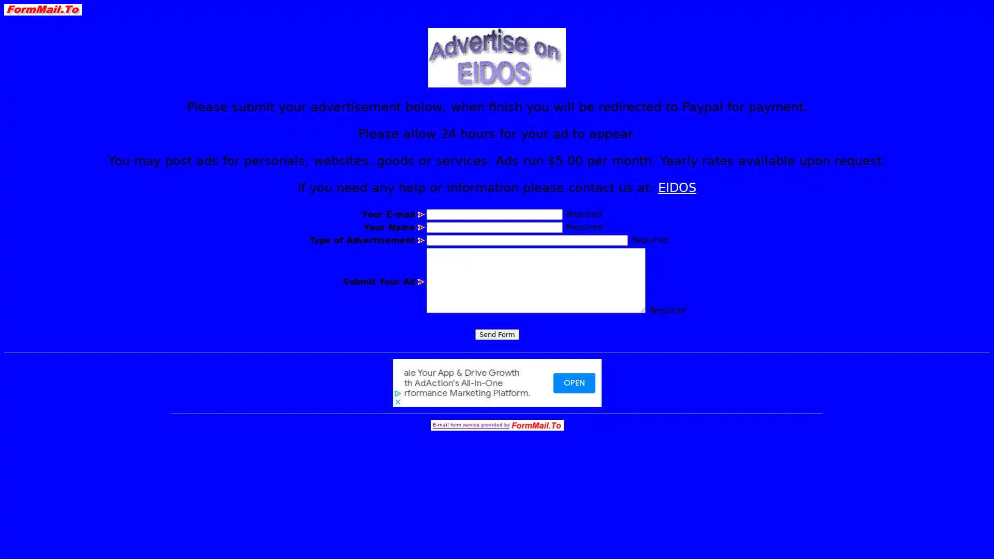 This screenshot has height=559, width=994. I want to click on Send Form, so click(496, 334).